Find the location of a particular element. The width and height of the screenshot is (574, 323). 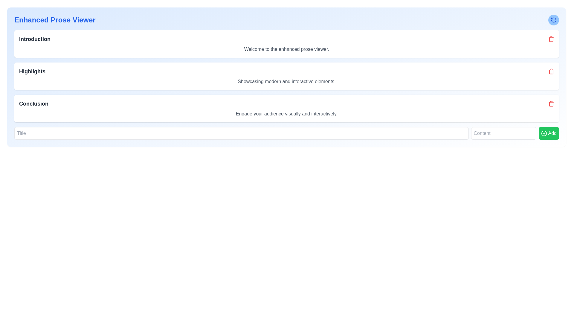

the circular graphical component within the SVG that is part of a 'plus inside a circle' design, located in the bottom-right section of the interface is located at coordinates (544, 133).